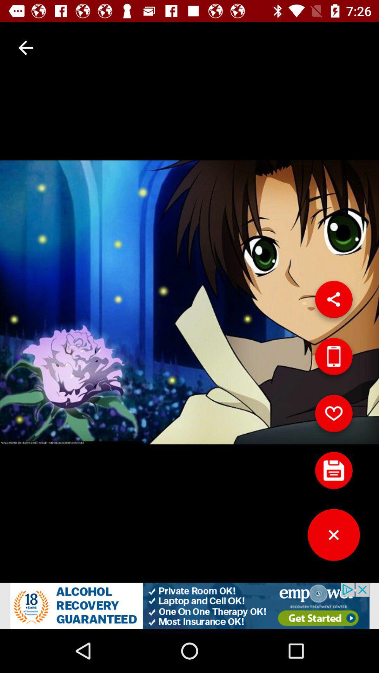  What do you see at coordinates (333, 473) in the screenshot?
I see `the picture` at bounding box center [333, 473].